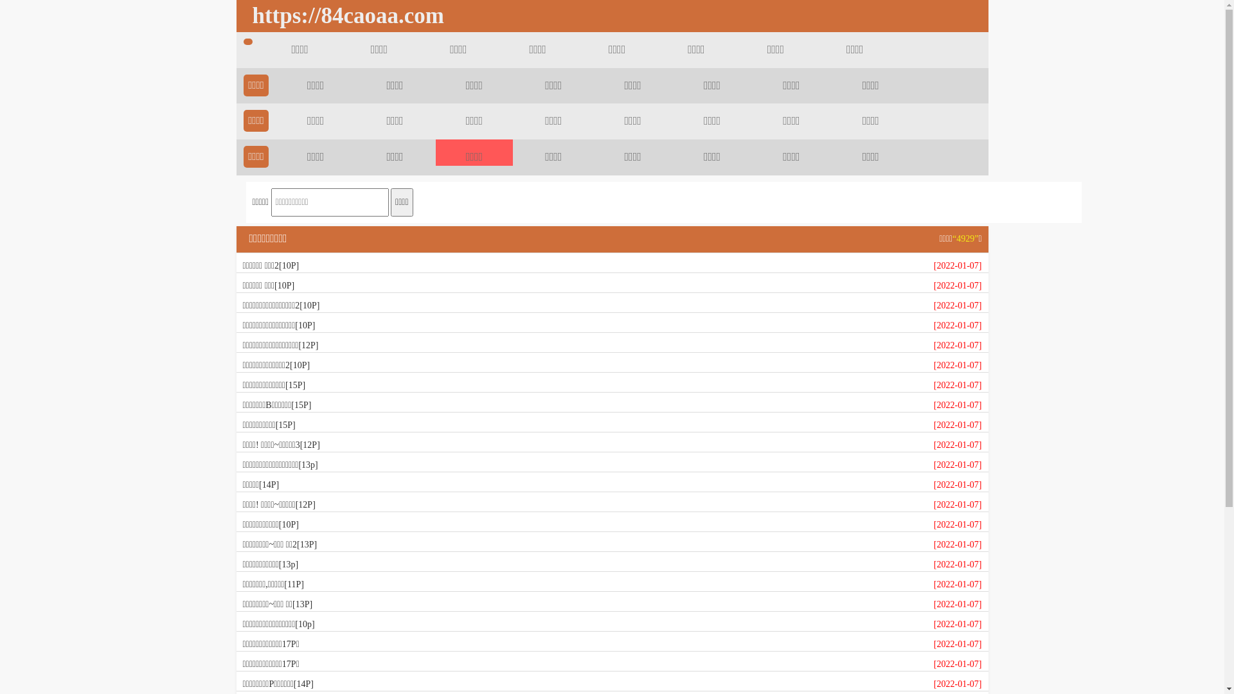 This screenshot has height=694, width=1234. Describe the element at coordinates (344, 15) in the screenshot. I see `'https://84caoaa.com'` at that location.